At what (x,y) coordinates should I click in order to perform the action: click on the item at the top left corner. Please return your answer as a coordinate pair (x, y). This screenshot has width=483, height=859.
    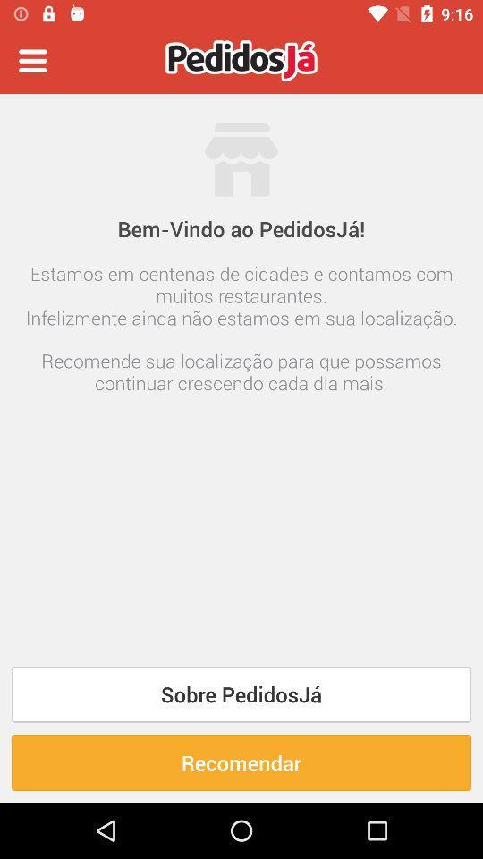
    Looking at the image, I should click on (32, 61).